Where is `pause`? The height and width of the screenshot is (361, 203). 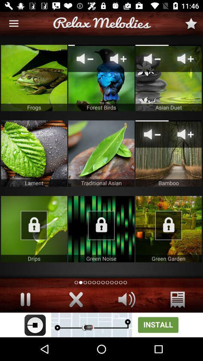 pause is located at coordinates (25, 299).